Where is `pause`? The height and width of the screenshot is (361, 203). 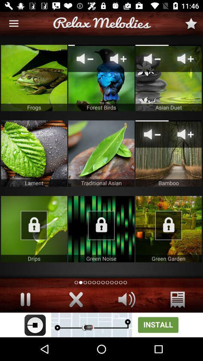 pause is located at coordinates (25, 299).